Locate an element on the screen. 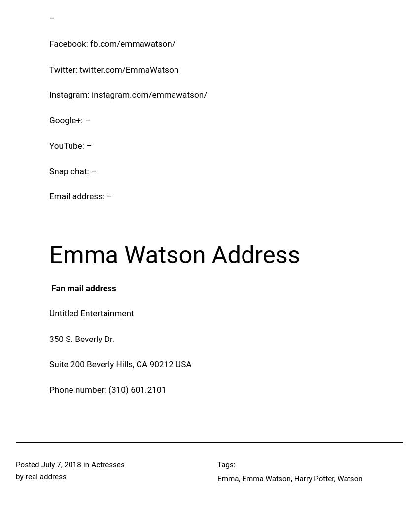 This screenshot has width=419, height=530. 'Emma Watson' is located at coordinates (266, 478).